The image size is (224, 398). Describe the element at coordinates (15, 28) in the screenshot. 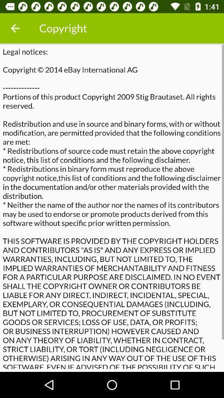

I see `item to the left of copyright` at that location.